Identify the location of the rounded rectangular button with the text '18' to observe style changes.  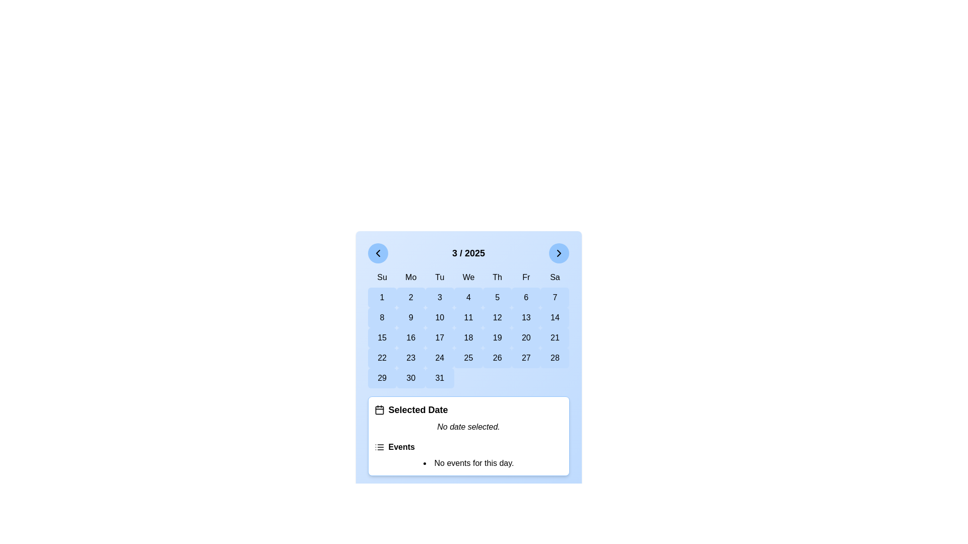
(468, 338).